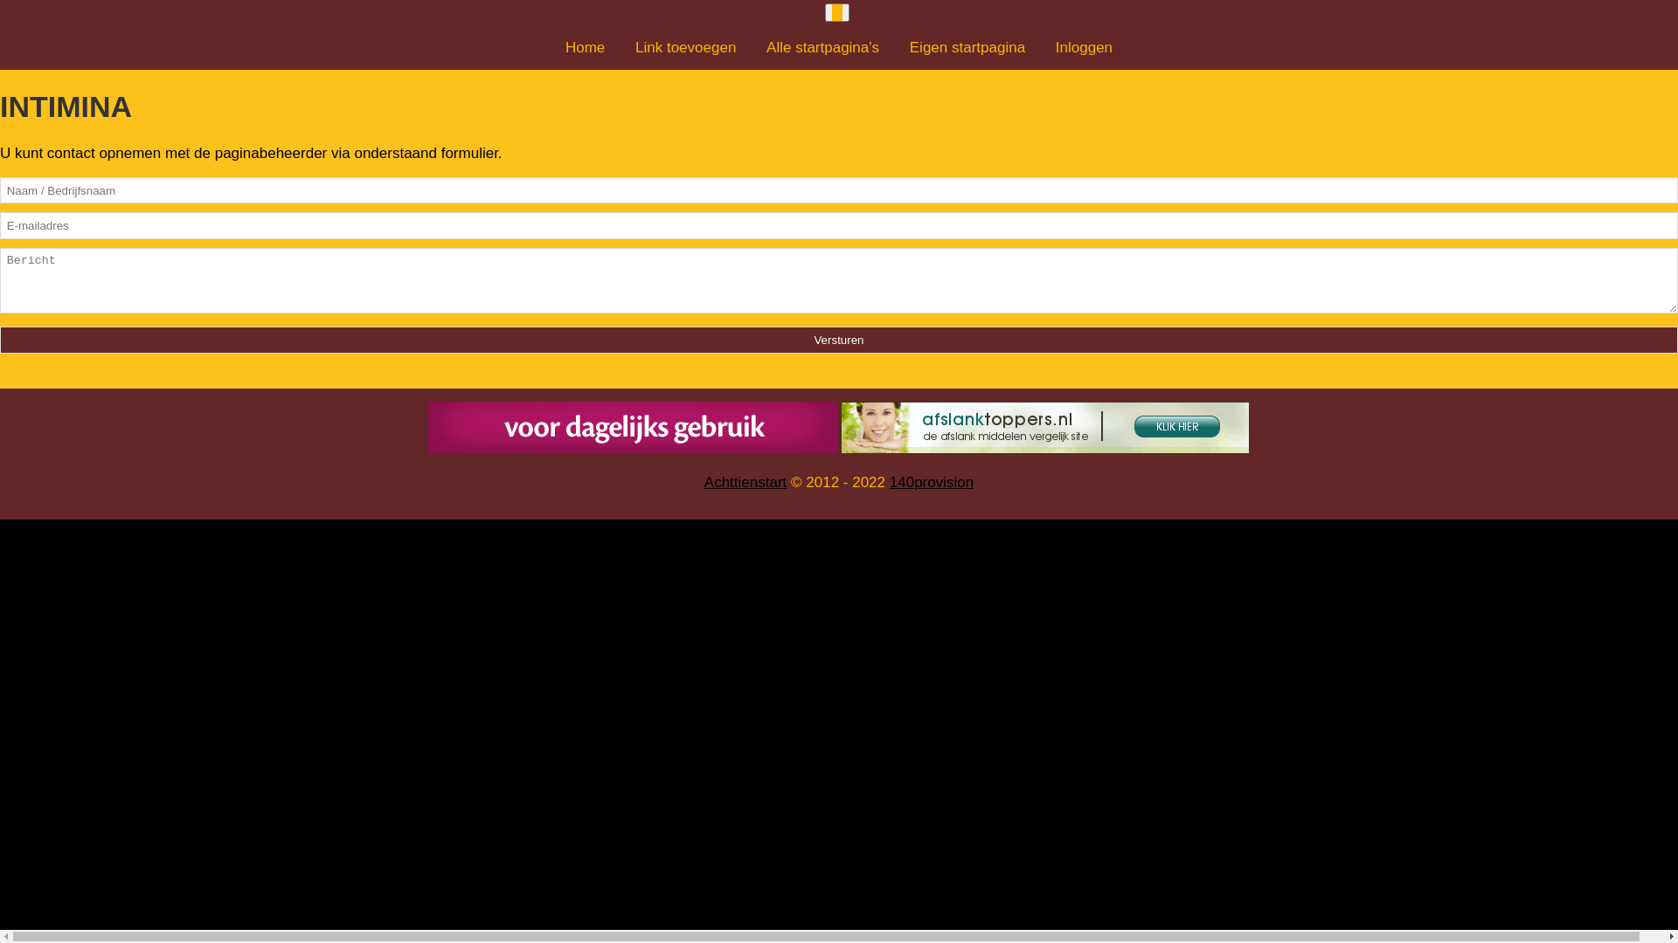 Image resolution: width=1678 pixels, height=943 pixels. What do you see at coordinates (930, 482) in the screenshot?
I see `'140provision'` at bounding box center [930, 482].